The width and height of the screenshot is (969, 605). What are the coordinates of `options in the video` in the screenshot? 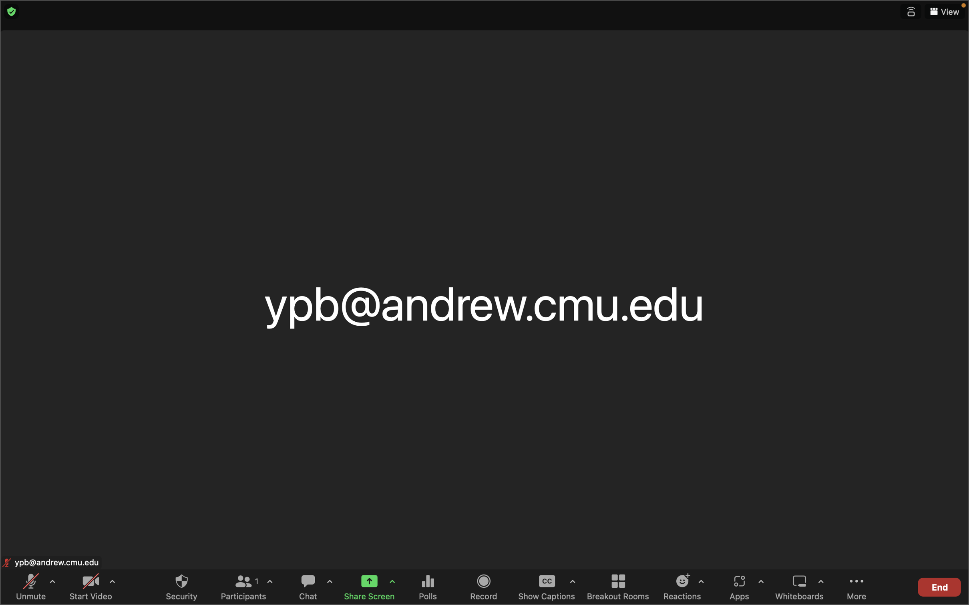 It's located at (111, 585).